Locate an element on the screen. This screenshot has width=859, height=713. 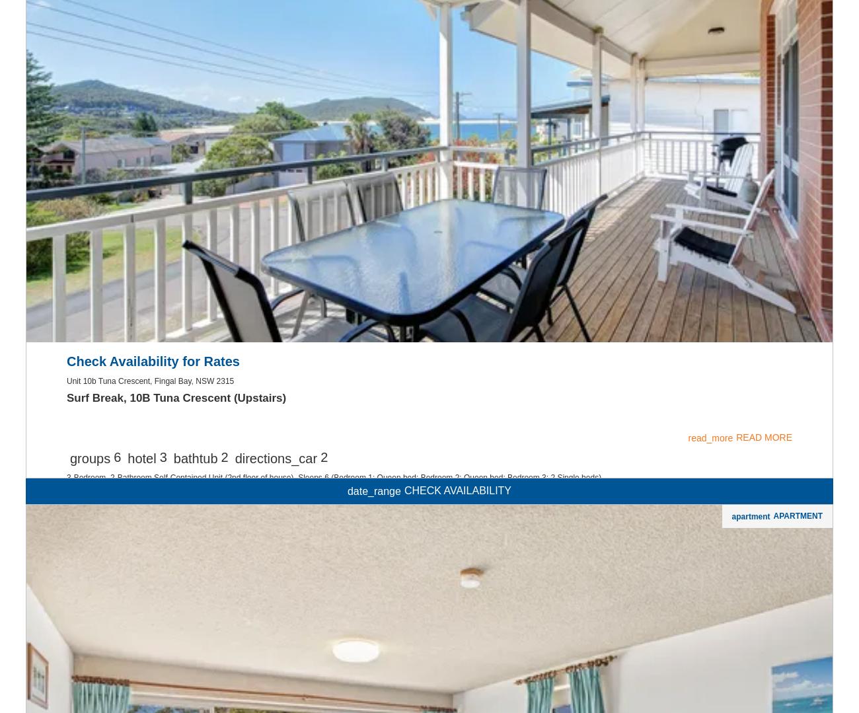
'2-Bedroom, 1-Bathroom Unit. Sleeps 5 - Bedroom 1: Queen bed; Bedroom 2: Tri-bunk bed. Perfectly positioned opposite the Little Beach foreshore, offering amazing water views across the bay.' is located at coordinates (405, 646).